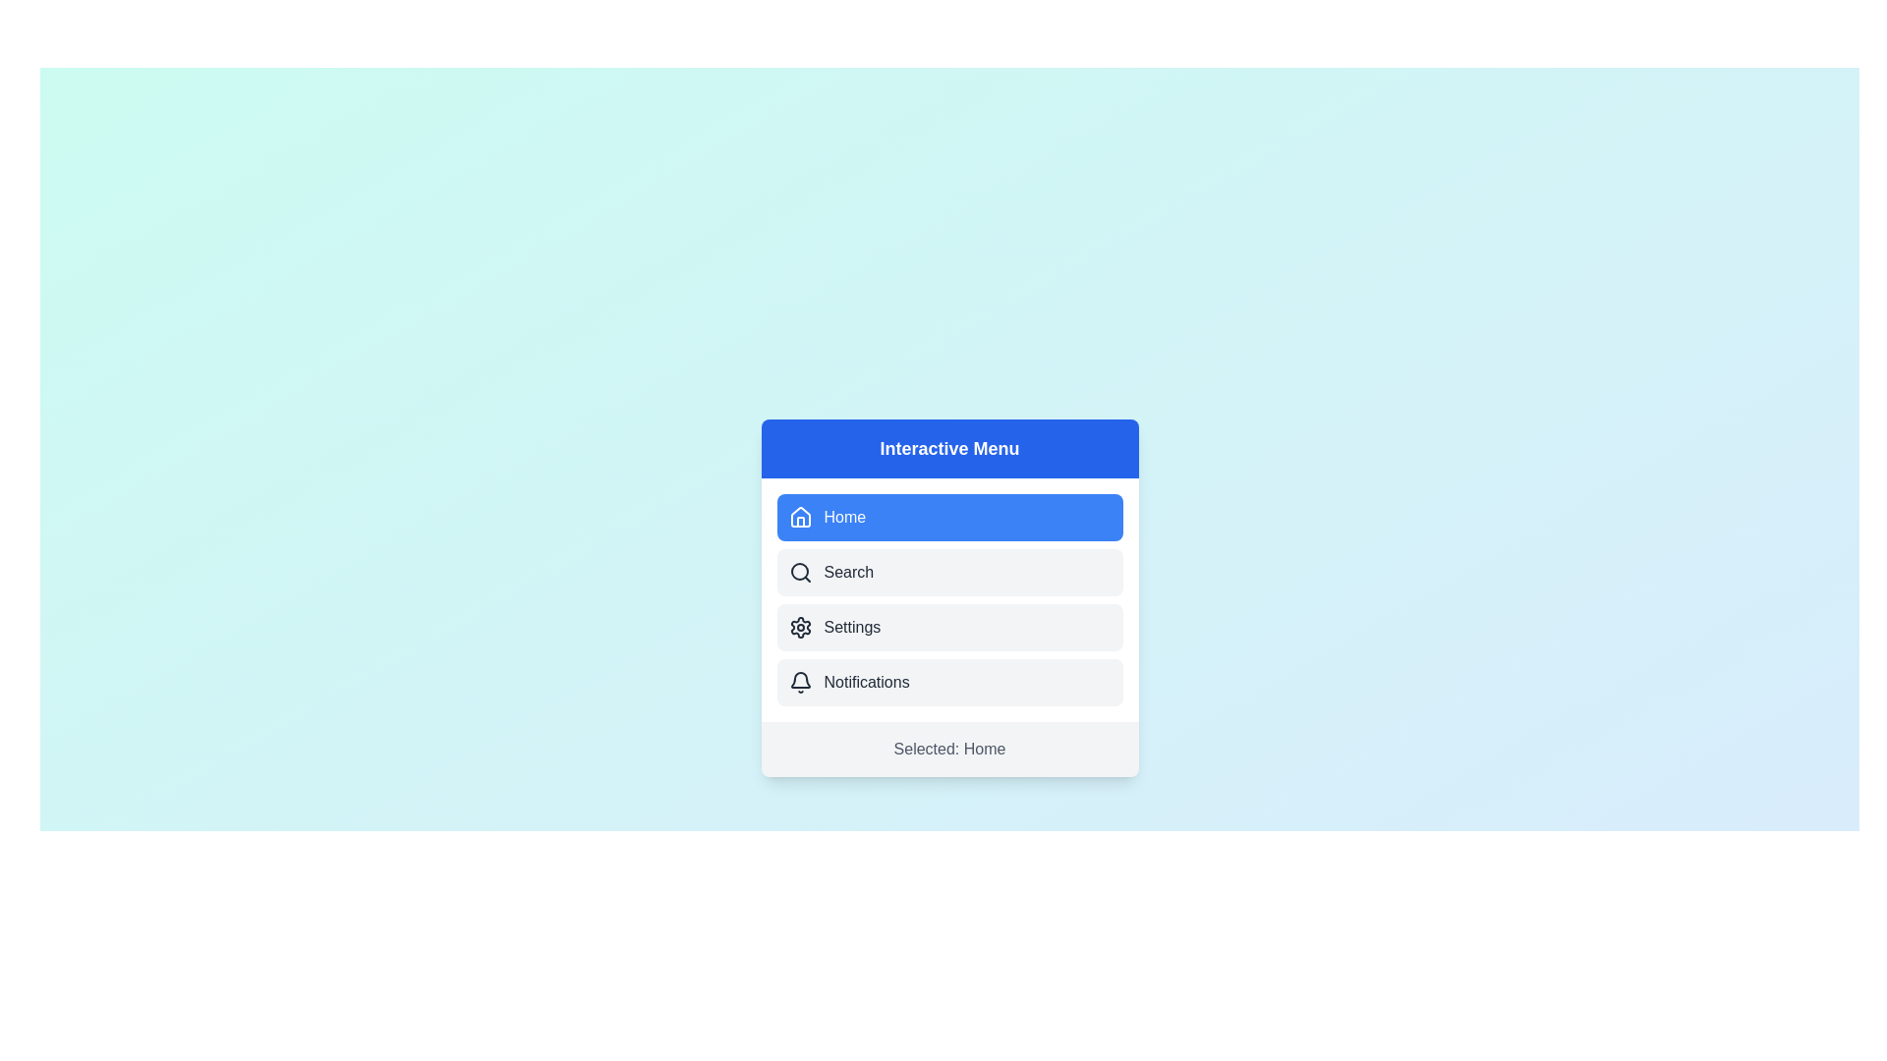 This screenshot has height=1061, width=1887. Describe the element at coordinates (949, 517) in the screenshot. I see `the menu item Home from the menu` at that location.